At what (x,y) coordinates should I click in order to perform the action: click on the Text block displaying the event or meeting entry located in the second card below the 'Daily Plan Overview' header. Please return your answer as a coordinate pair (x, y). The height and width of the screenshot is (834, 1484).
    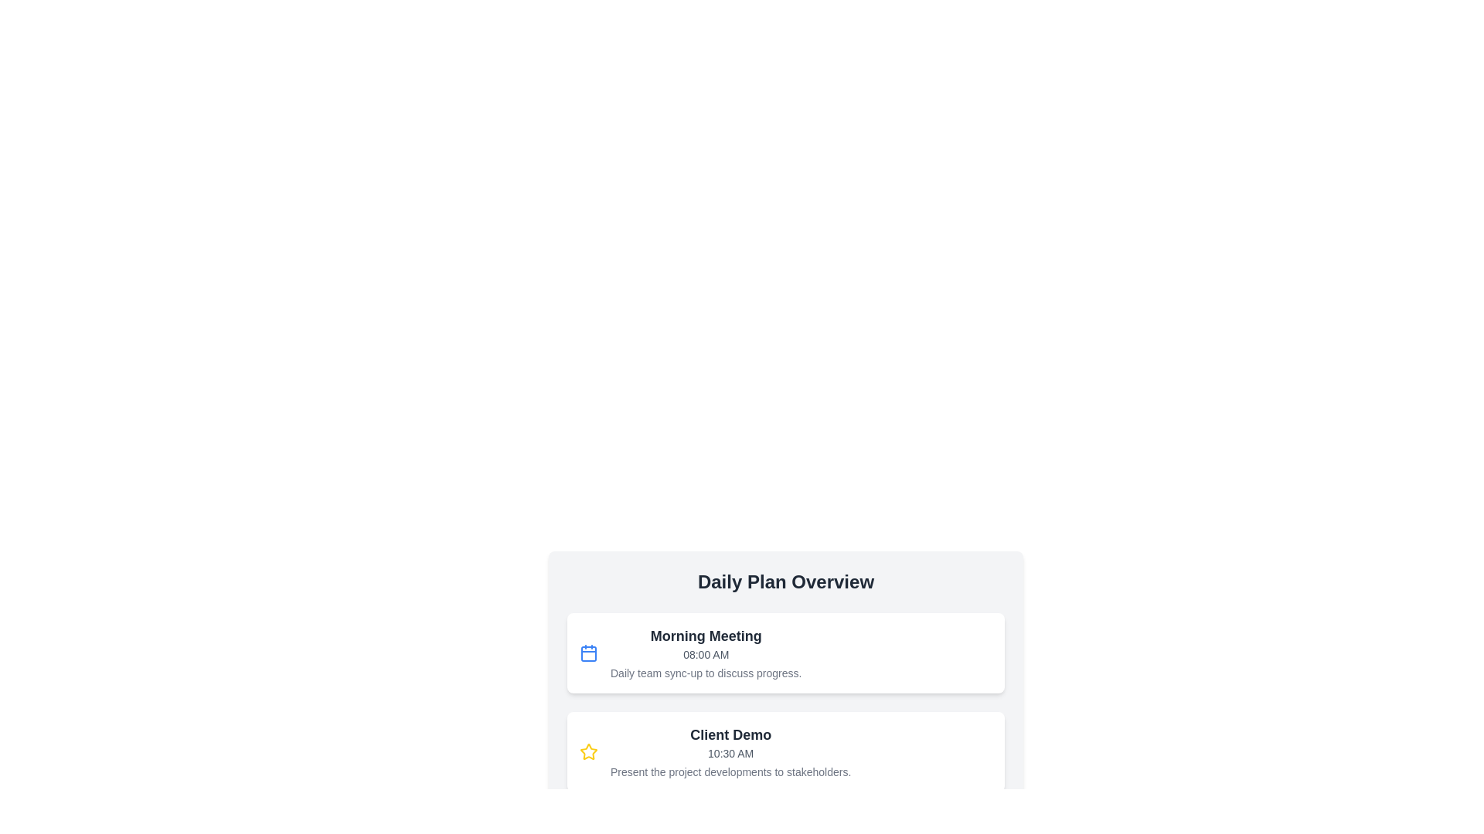
    Looking at the image, I should click on (730, 751).